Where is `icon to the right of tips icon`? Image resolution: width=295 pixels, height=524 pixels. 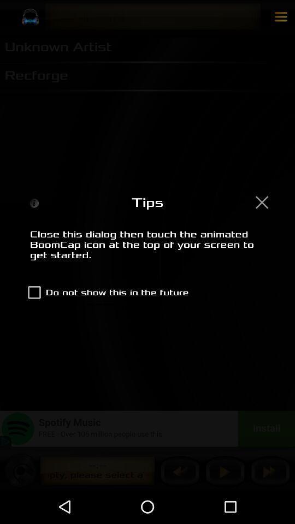
icon to the right of tips icon is located at coordinates (261, 201).